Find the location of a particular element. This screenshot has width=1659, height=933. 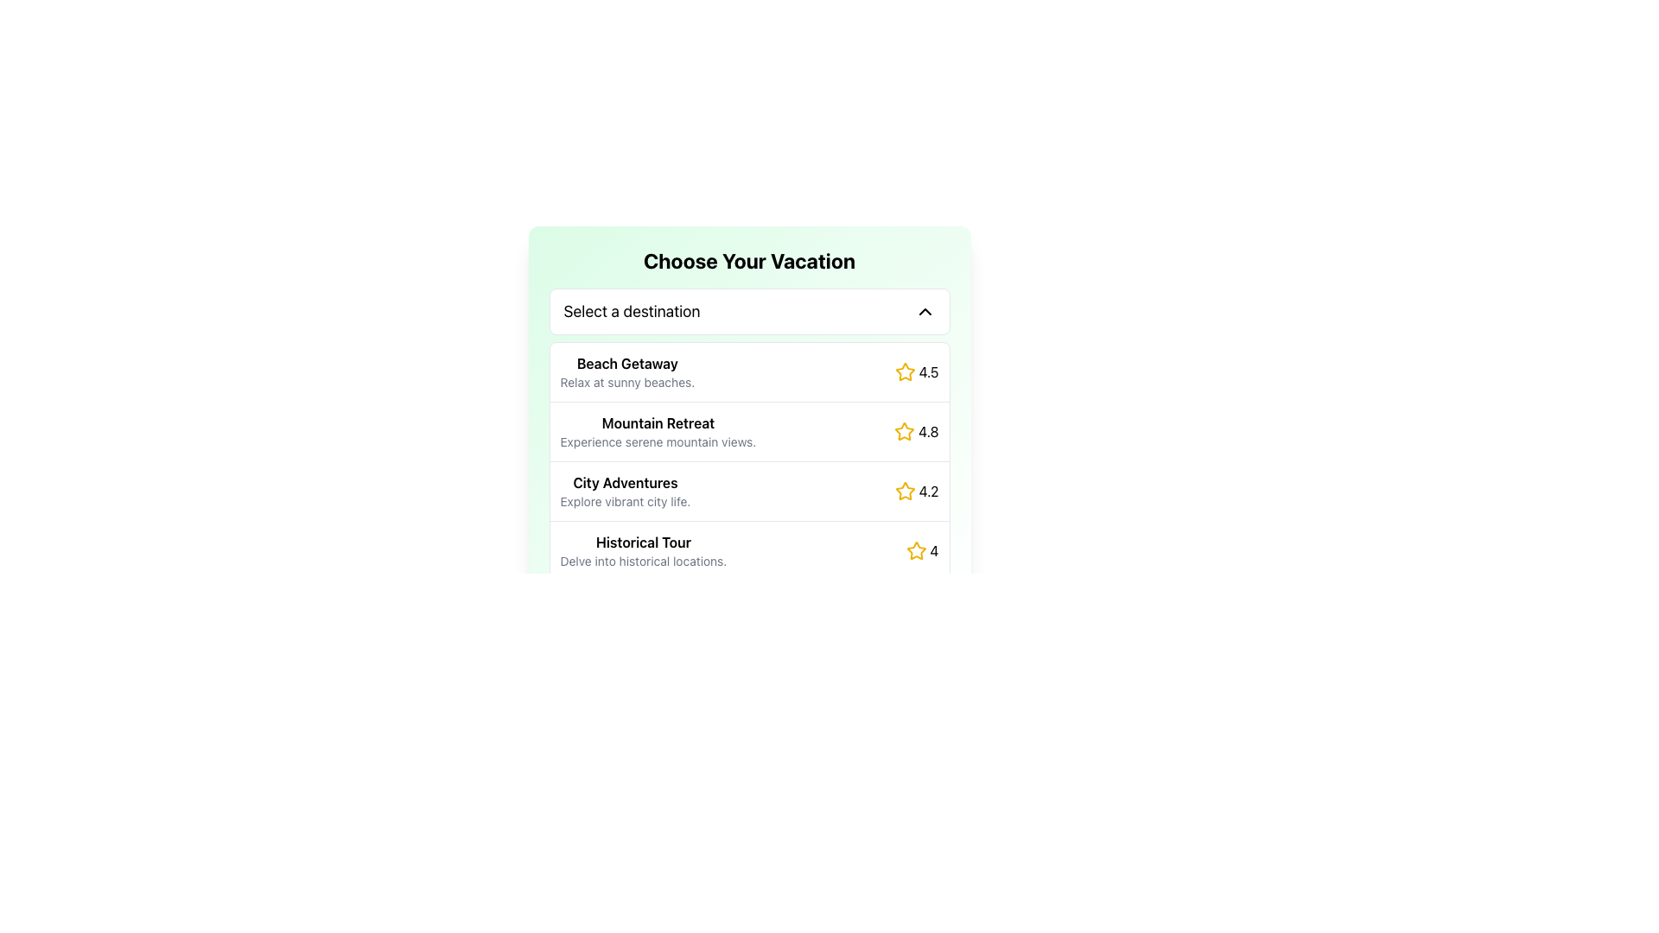

the bold title text of the third list item under the header 'Choose Your Vacation', which describes the item associated with 'Explore vibrant city life' is located at coordinates (625, 483).